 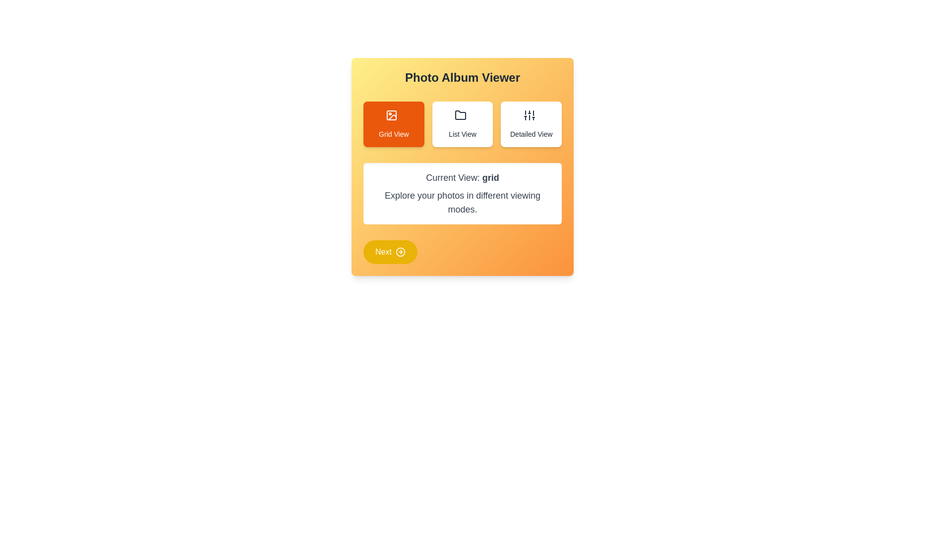 What do you see at coordinates (462, 177) in the screenshot?
I see `text element displaying 'Current View: grid', which is located within a white box and is the first text element beneath the header section of view mode buttons` at bounding box center [462, 177].